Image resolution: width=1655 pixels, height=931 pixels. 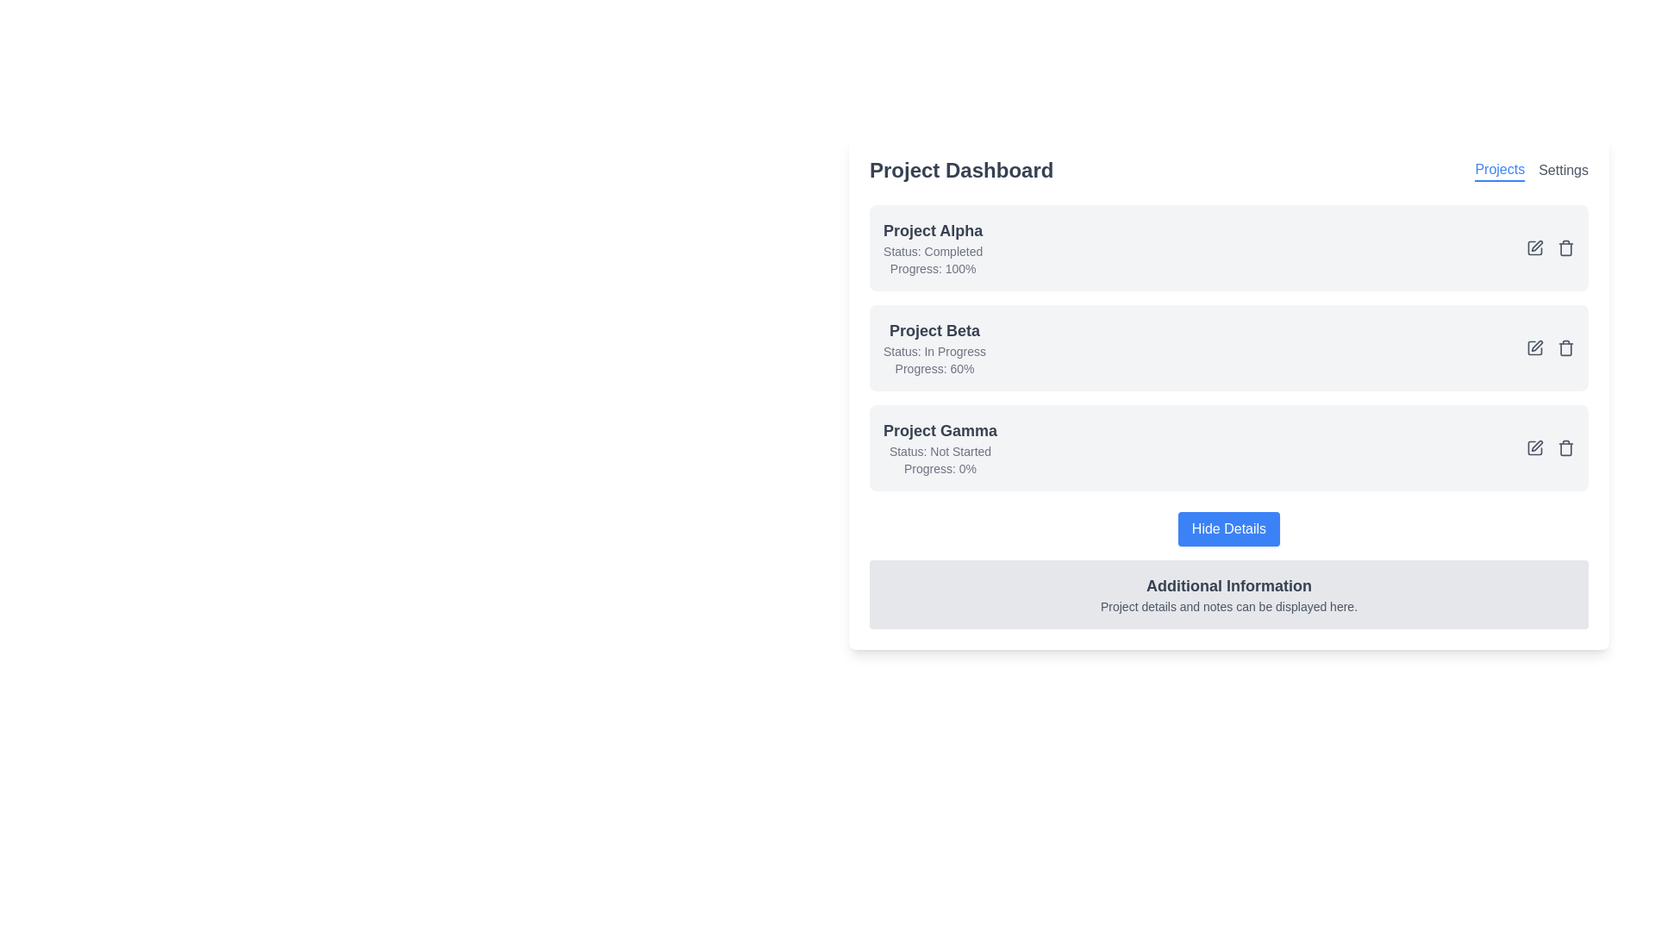 I want to click on status information from the text label displaying 'Status: Completed' in the 'Project Alpha' section of the Project Dashboard interface, so click(x=932, y=252).